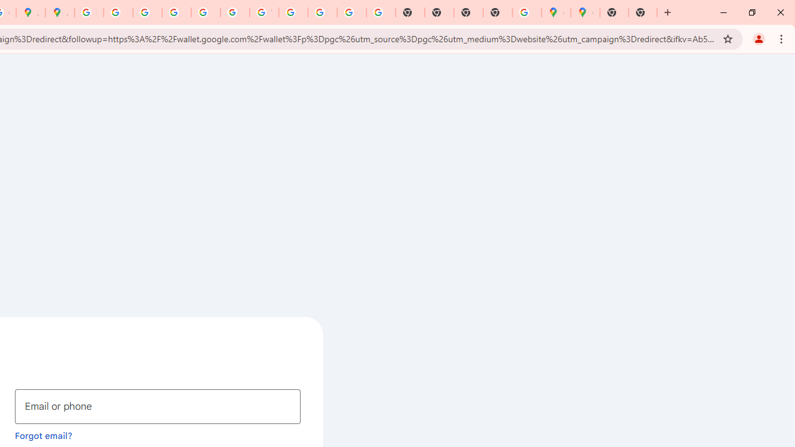 This screenshot has height=447, width=795. What do you see at coordinates (584, 12) in the screenshot?
I see `'Google Maps'` at bounding box center [584, 12].